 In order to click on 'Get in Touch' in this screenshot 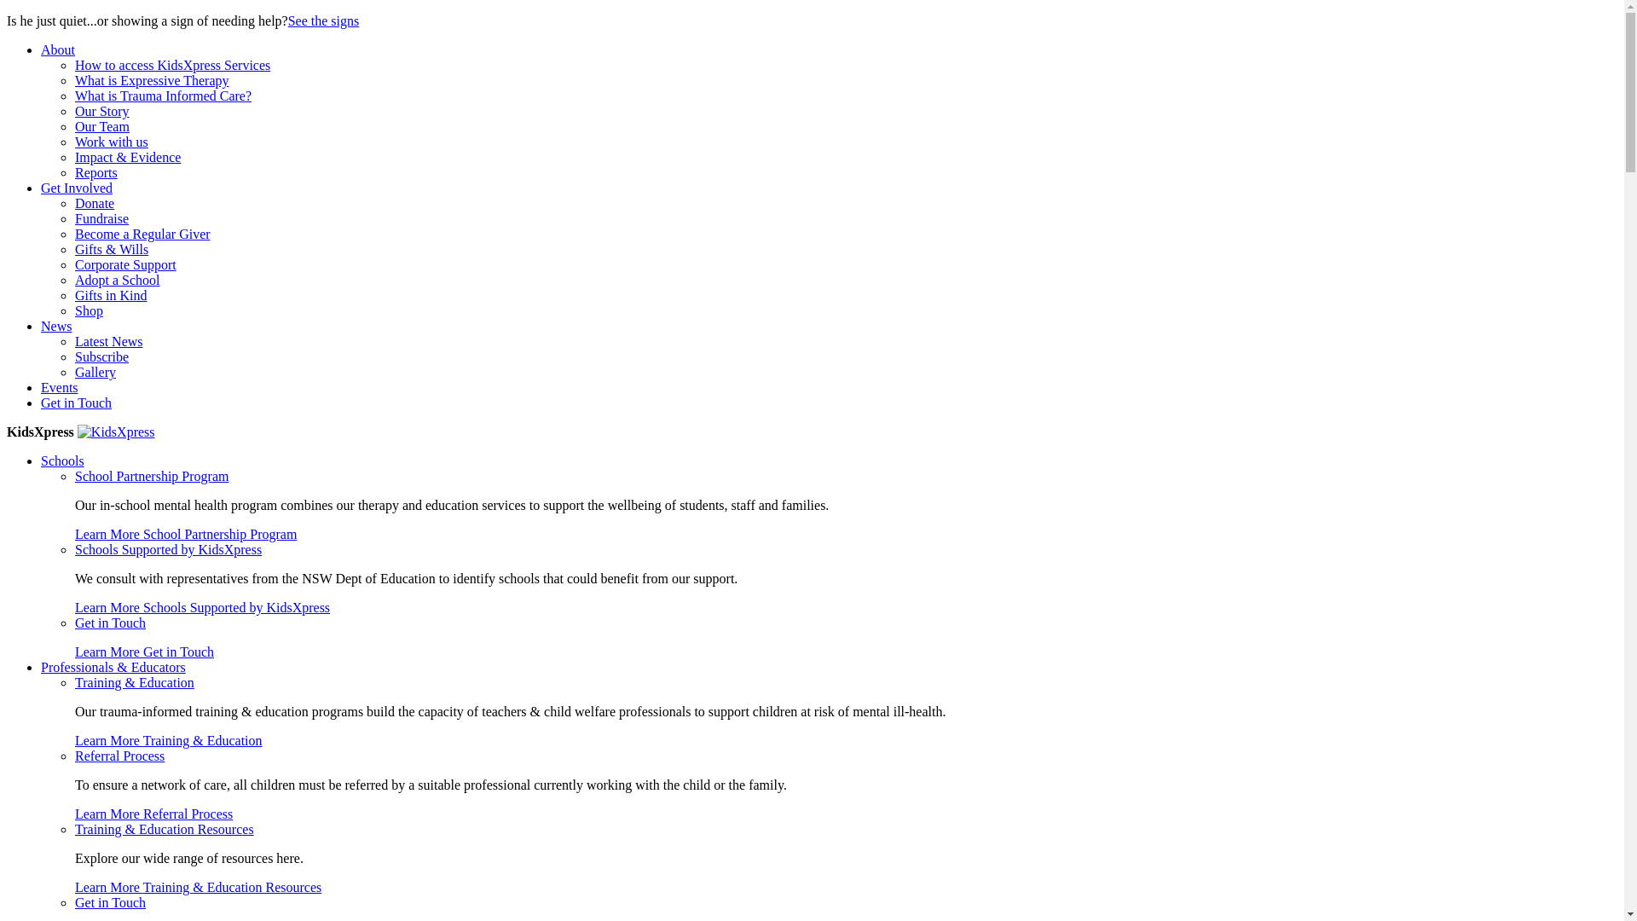, I will do `click(109, 901)`.